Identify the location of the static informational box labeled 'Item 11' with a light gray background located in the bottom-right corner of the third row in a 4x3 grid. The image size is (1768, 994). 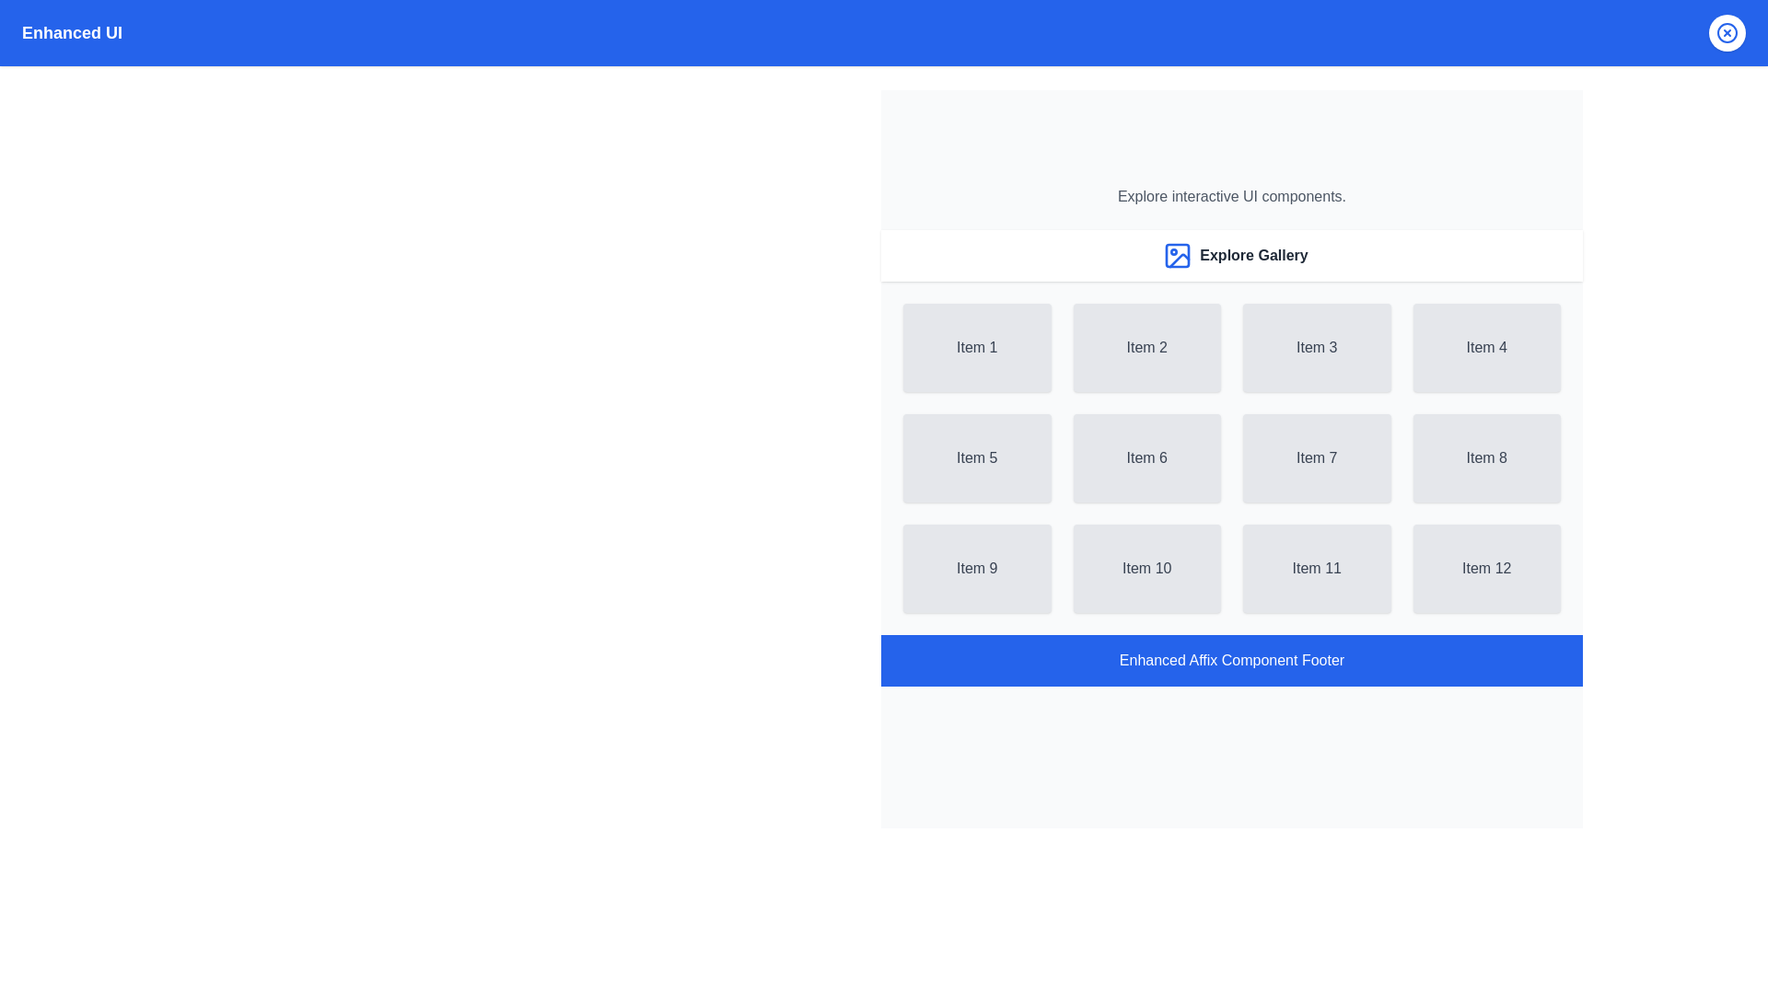
(1316, 567).